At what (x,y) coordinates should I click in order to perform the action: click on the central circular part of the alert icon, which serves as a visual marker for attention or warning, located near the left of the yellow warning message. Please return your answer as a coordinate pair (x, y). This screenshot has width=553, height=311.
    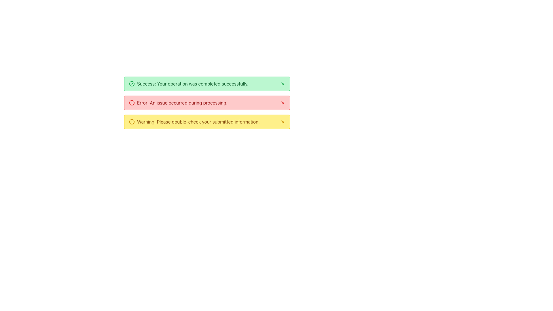
    Looking at the image, I should click on (131, 103).